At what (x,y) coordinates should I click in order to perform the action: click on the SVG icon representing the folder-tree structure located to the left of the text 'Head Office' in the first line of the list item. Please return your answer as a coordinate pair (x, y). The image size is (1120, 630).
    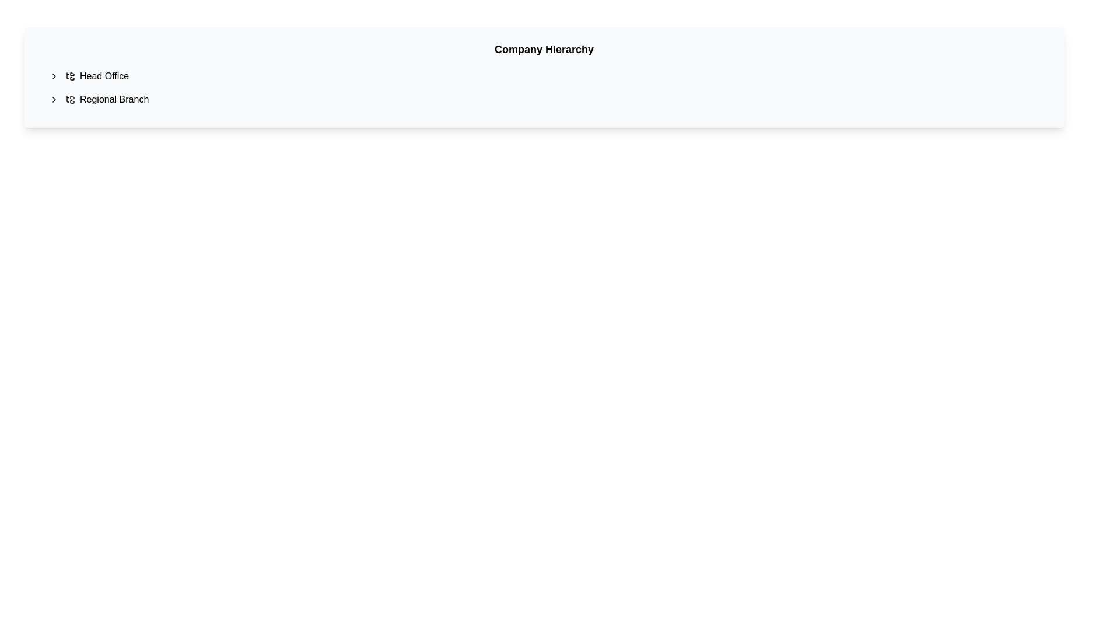
    Looking at the image, I should click on (69, 76).